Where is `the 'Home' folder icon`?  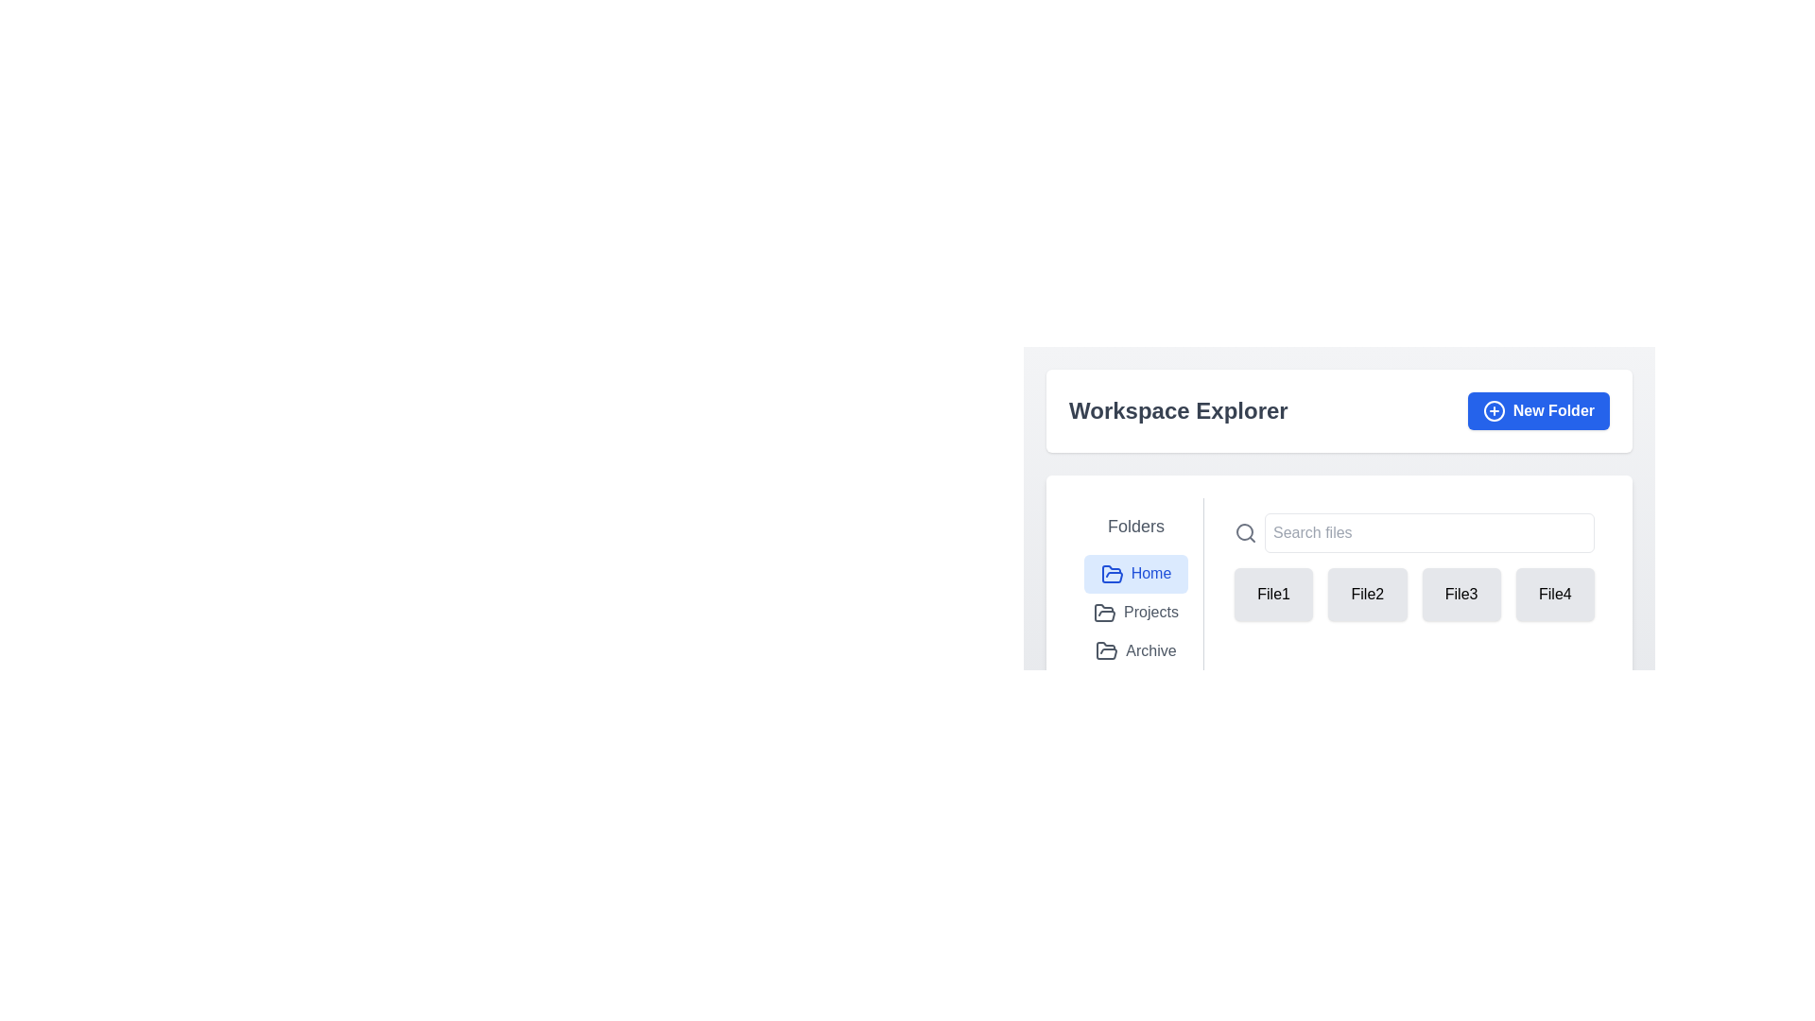
the 'Home' folder icon is located at coordinates (1112, 573).